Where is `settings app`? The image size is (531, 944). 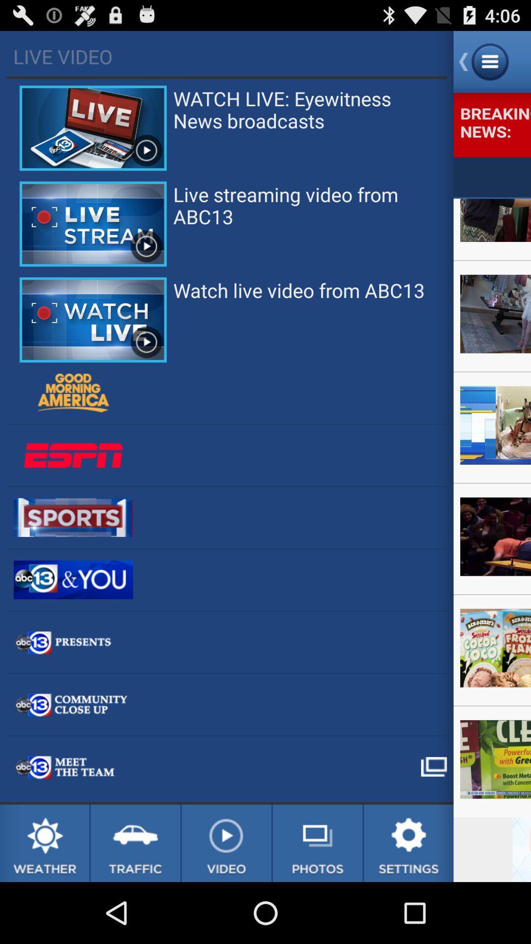 settings app is located at coordinates (409, 843).